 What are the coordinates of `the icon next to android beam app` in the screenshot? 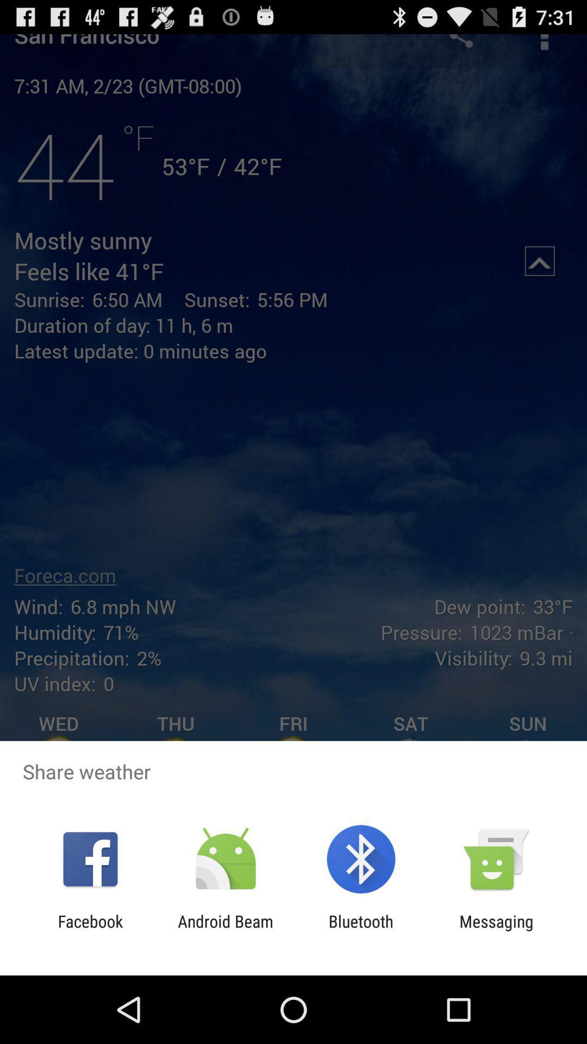 It's located at (361, 930).